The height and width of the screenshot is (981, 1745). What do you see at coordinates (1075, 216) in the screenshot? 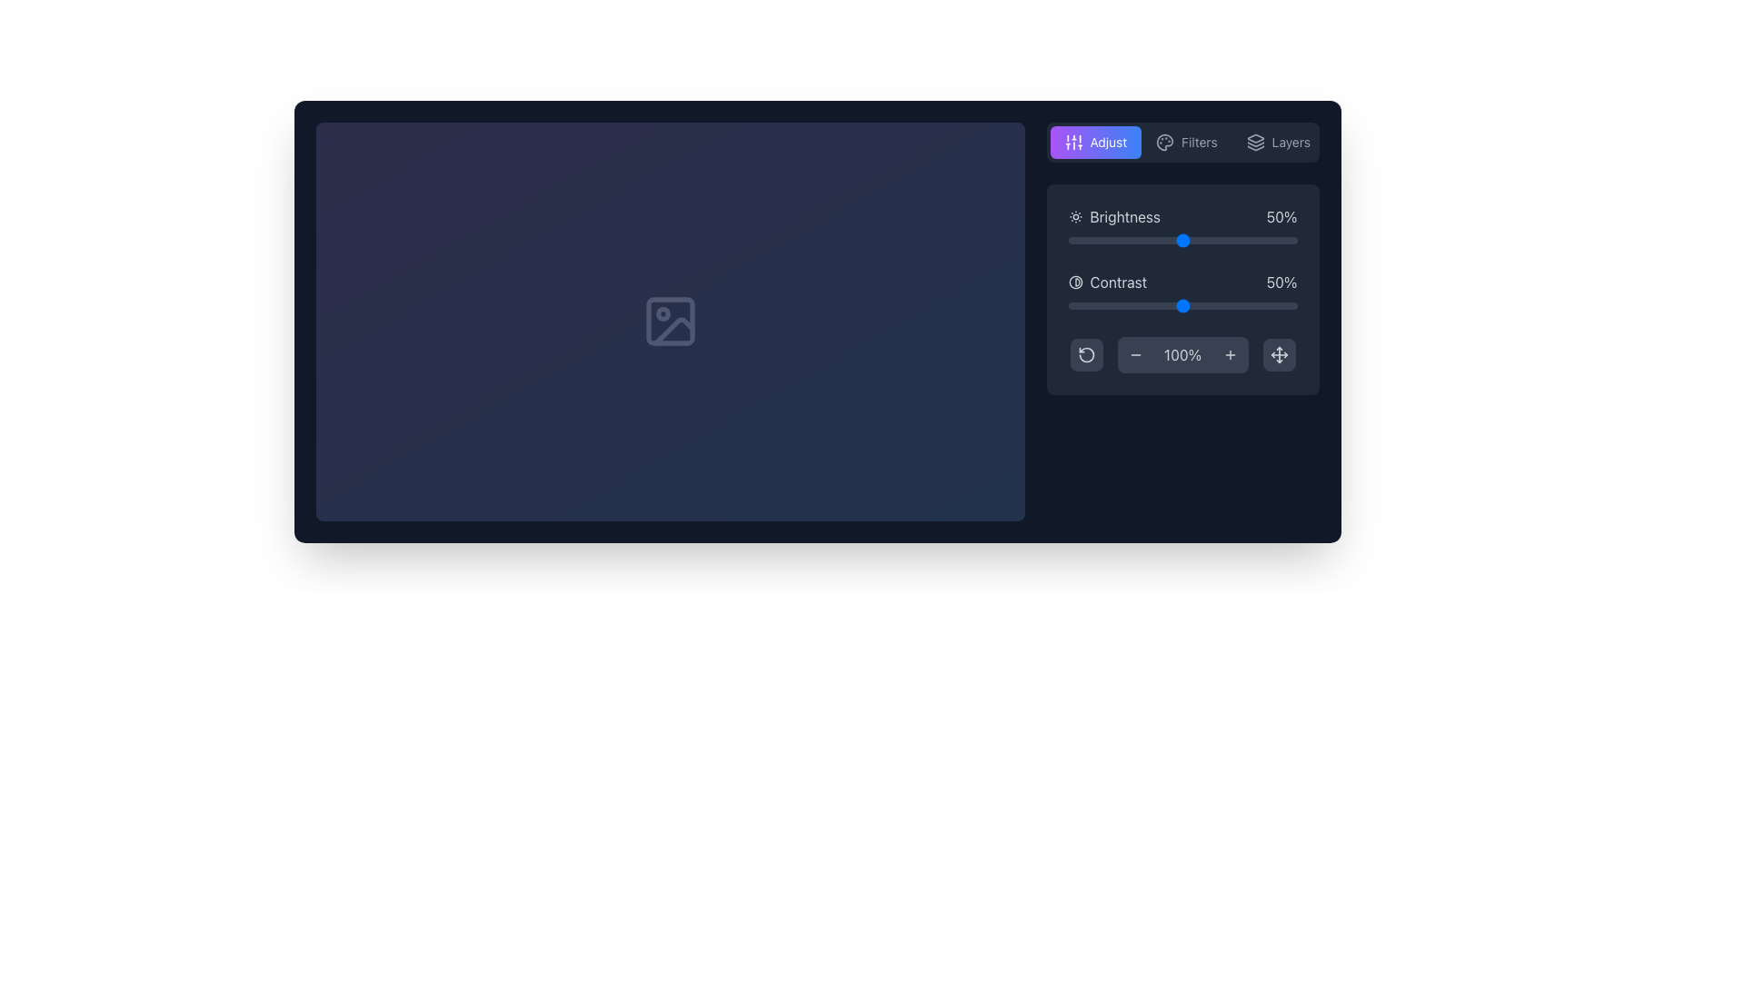
I see `the brightness control icon, which is located within a control panel on the right side of the interface, specifically to the left of the 'Brightness' label` at bounding box center [1075, 216].